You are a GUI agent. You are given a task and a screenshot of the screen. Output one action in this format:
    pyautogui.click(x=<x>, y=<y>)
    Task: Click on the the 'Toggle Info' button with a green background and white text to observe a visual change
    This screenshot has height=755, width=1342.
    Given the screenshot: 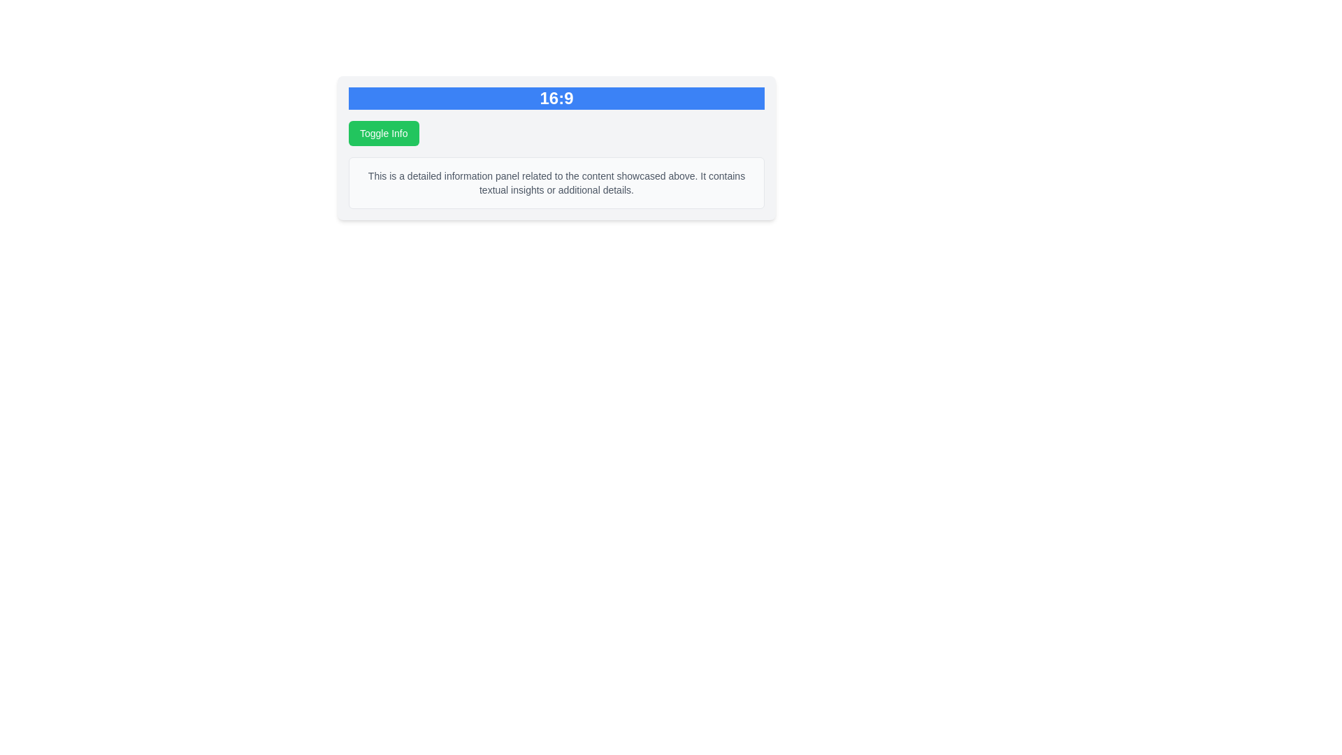 What is the action you would take?
    pyautogui.click(x=384, y=134)
    